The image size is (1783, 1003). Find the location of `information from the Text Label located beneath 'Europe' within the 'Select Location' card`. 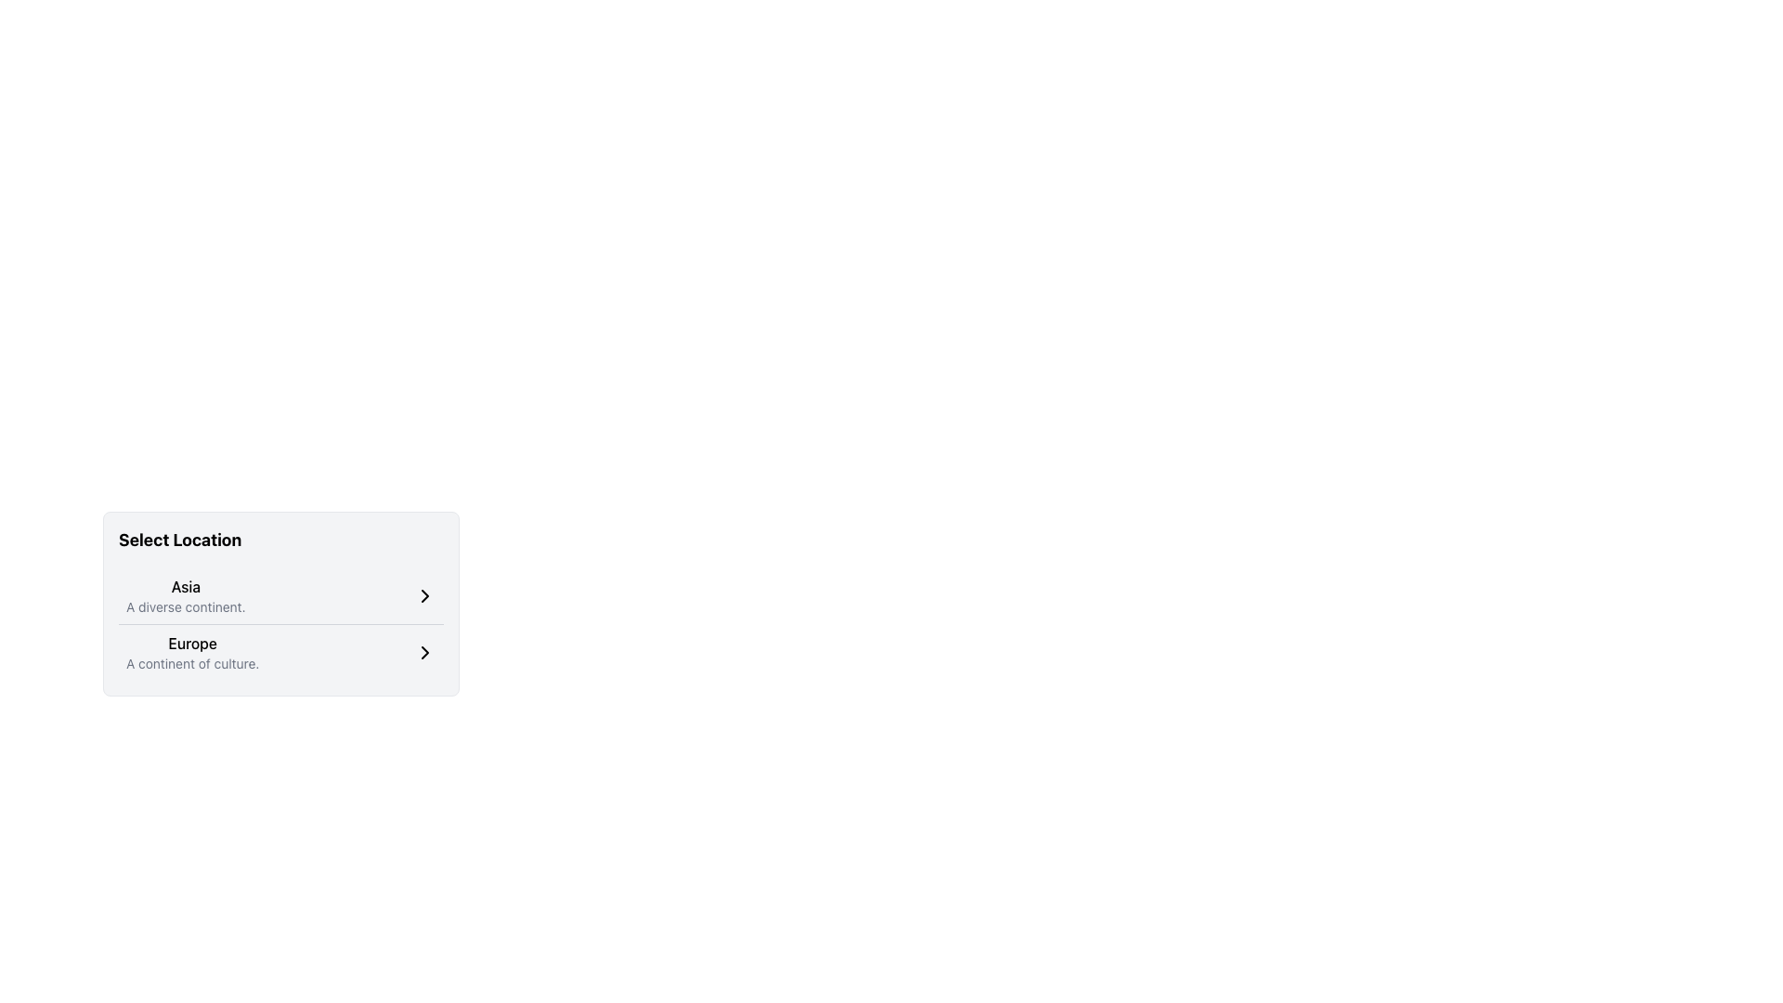

information from the Text Label located beneath 'Europe' within the 'Select Location' card is located at coordinates (192, 662).